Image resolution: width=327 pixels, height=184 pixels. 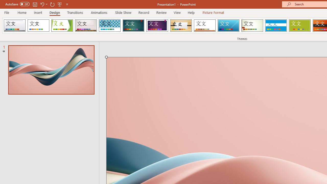 I want to click on 'Slice', so click(x=228, y=26).